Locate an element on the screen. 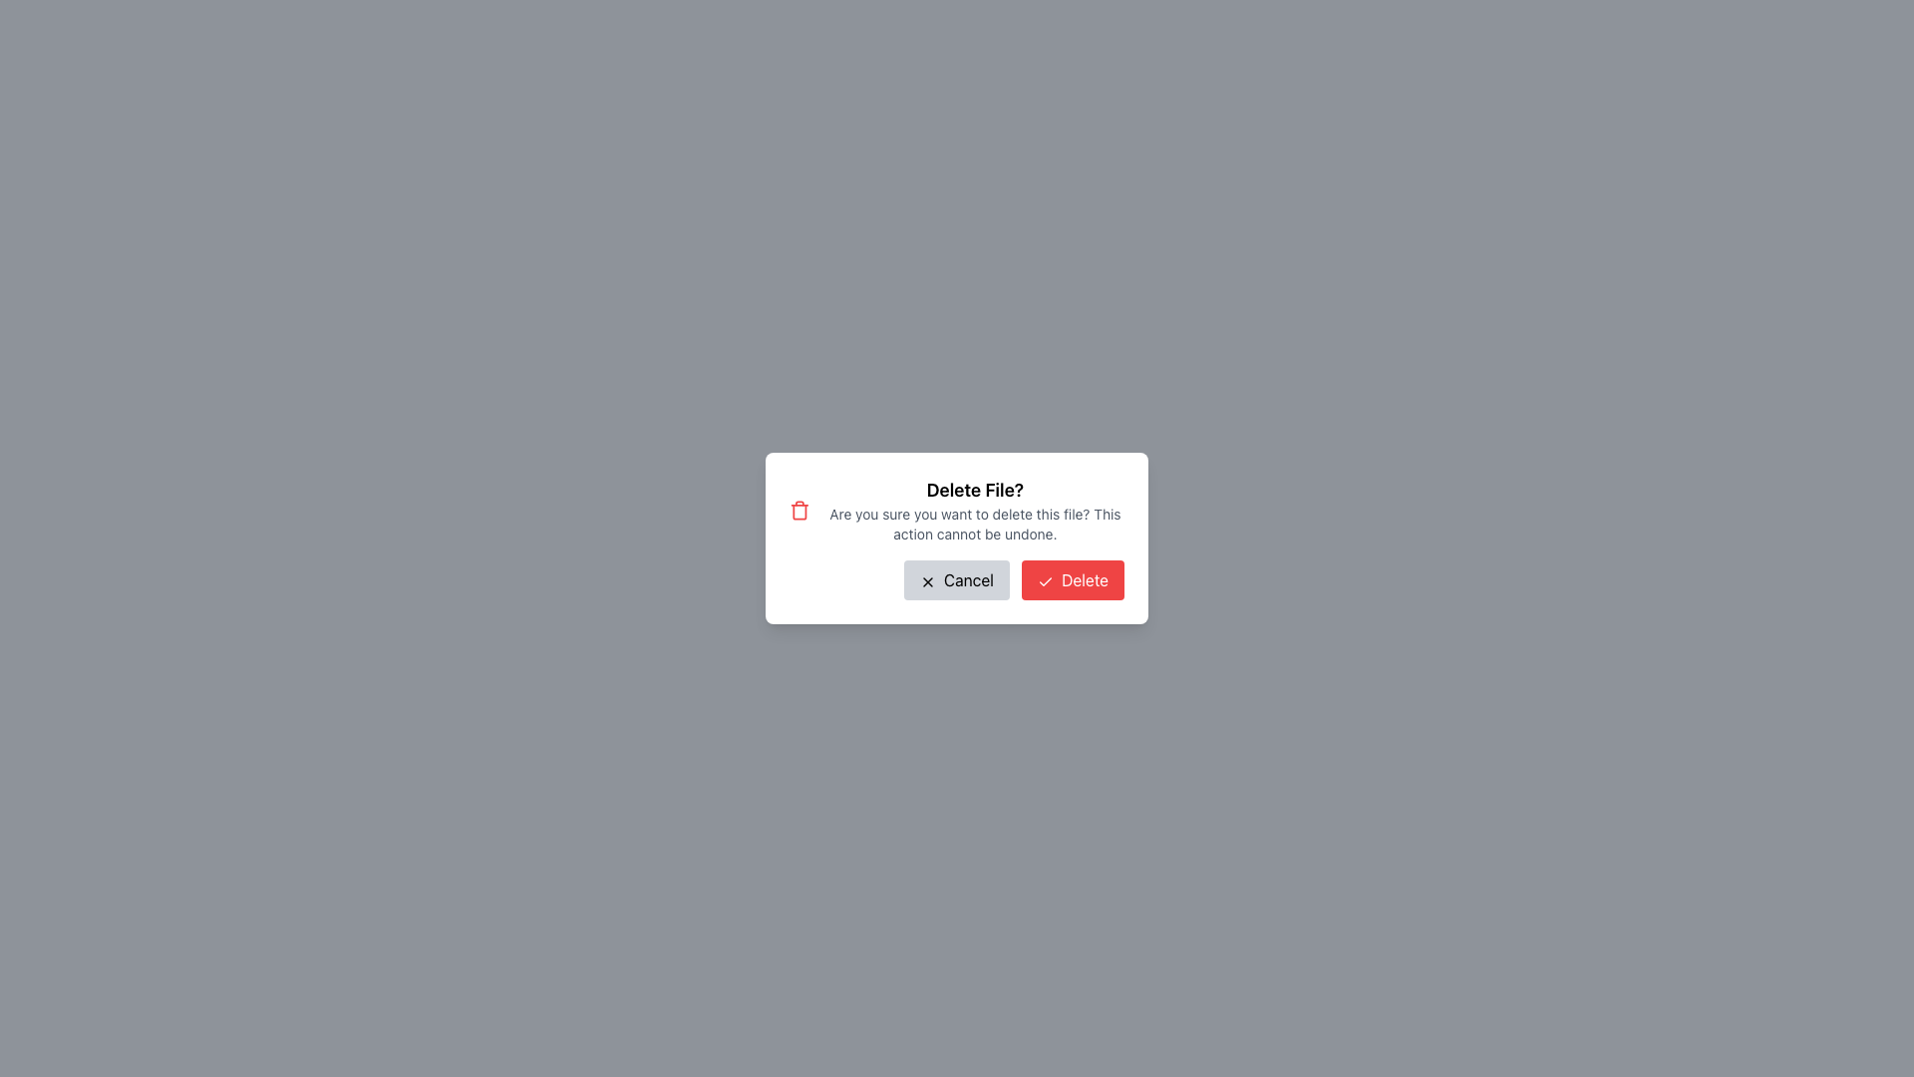 The image size is (1914, 1077). the compact checkmark icon within the 'Delete' button, which is styled with a clean, minimalistic design on a red background is located at coordinates (1044, 581).